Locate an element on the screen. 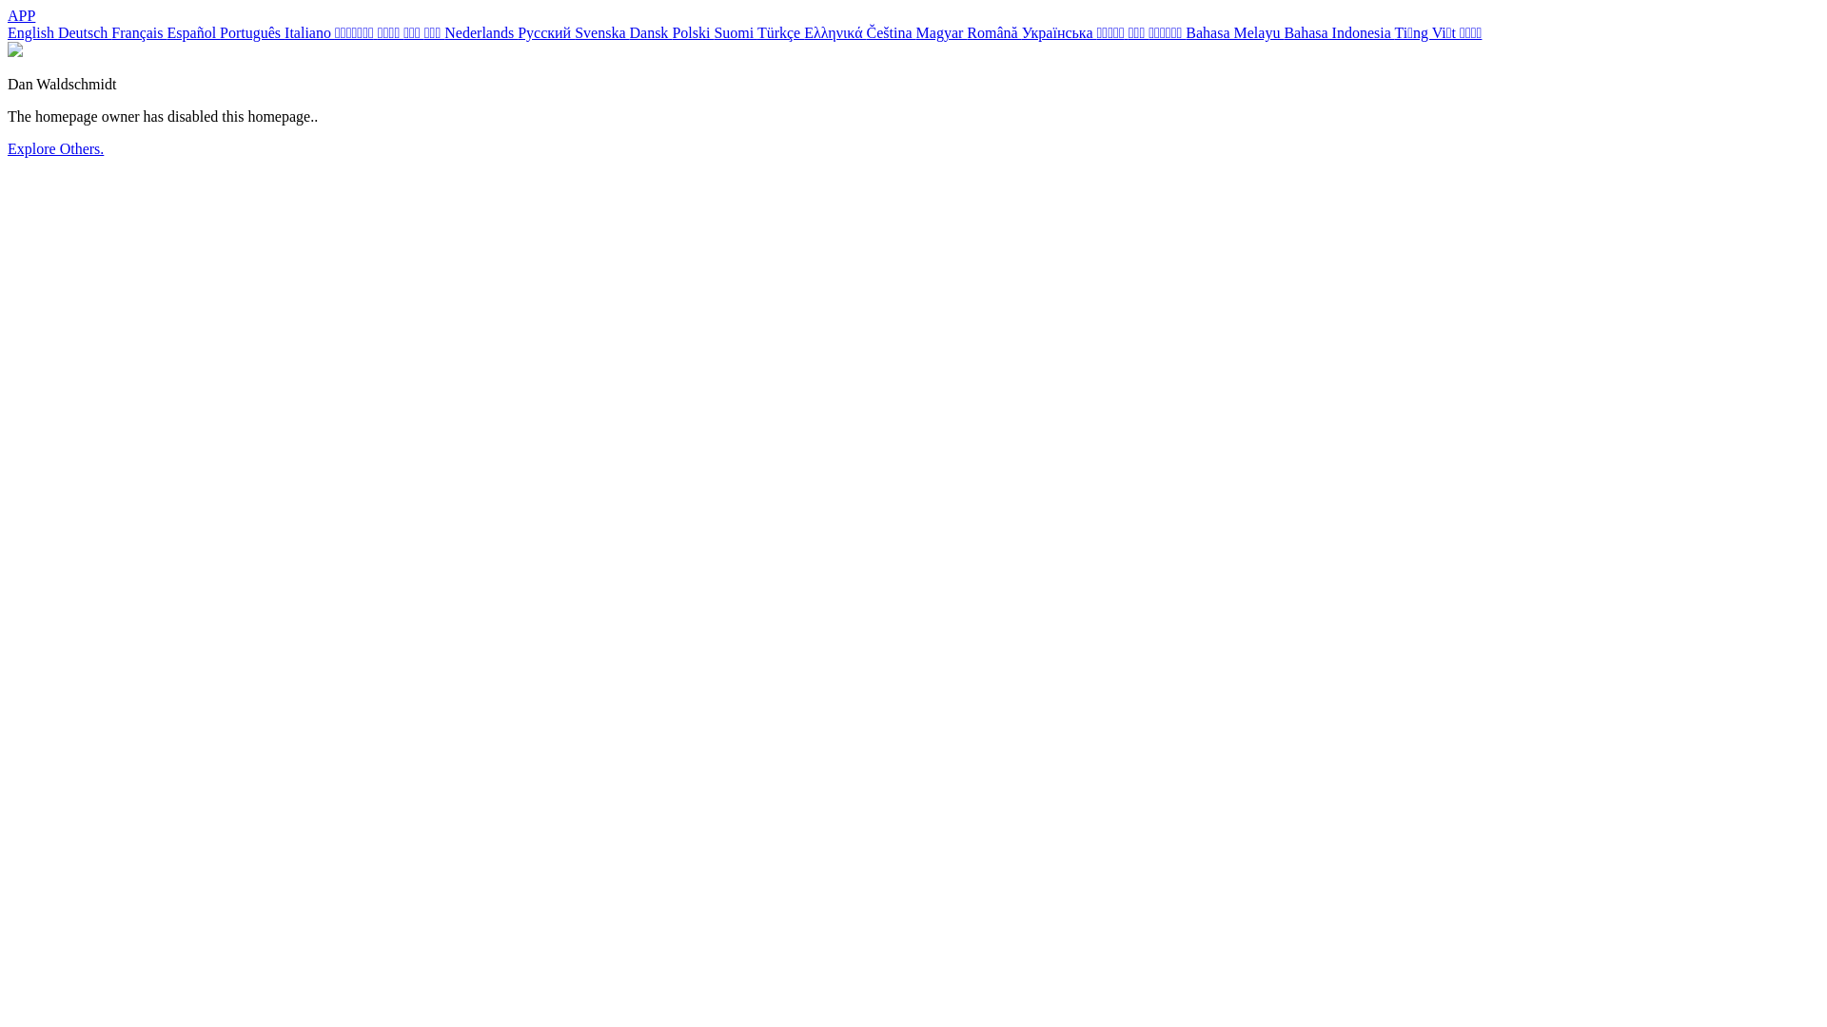 This screenshot has width=1827, height=1027. 'Nederlands' is located at coordinates (481, 32).